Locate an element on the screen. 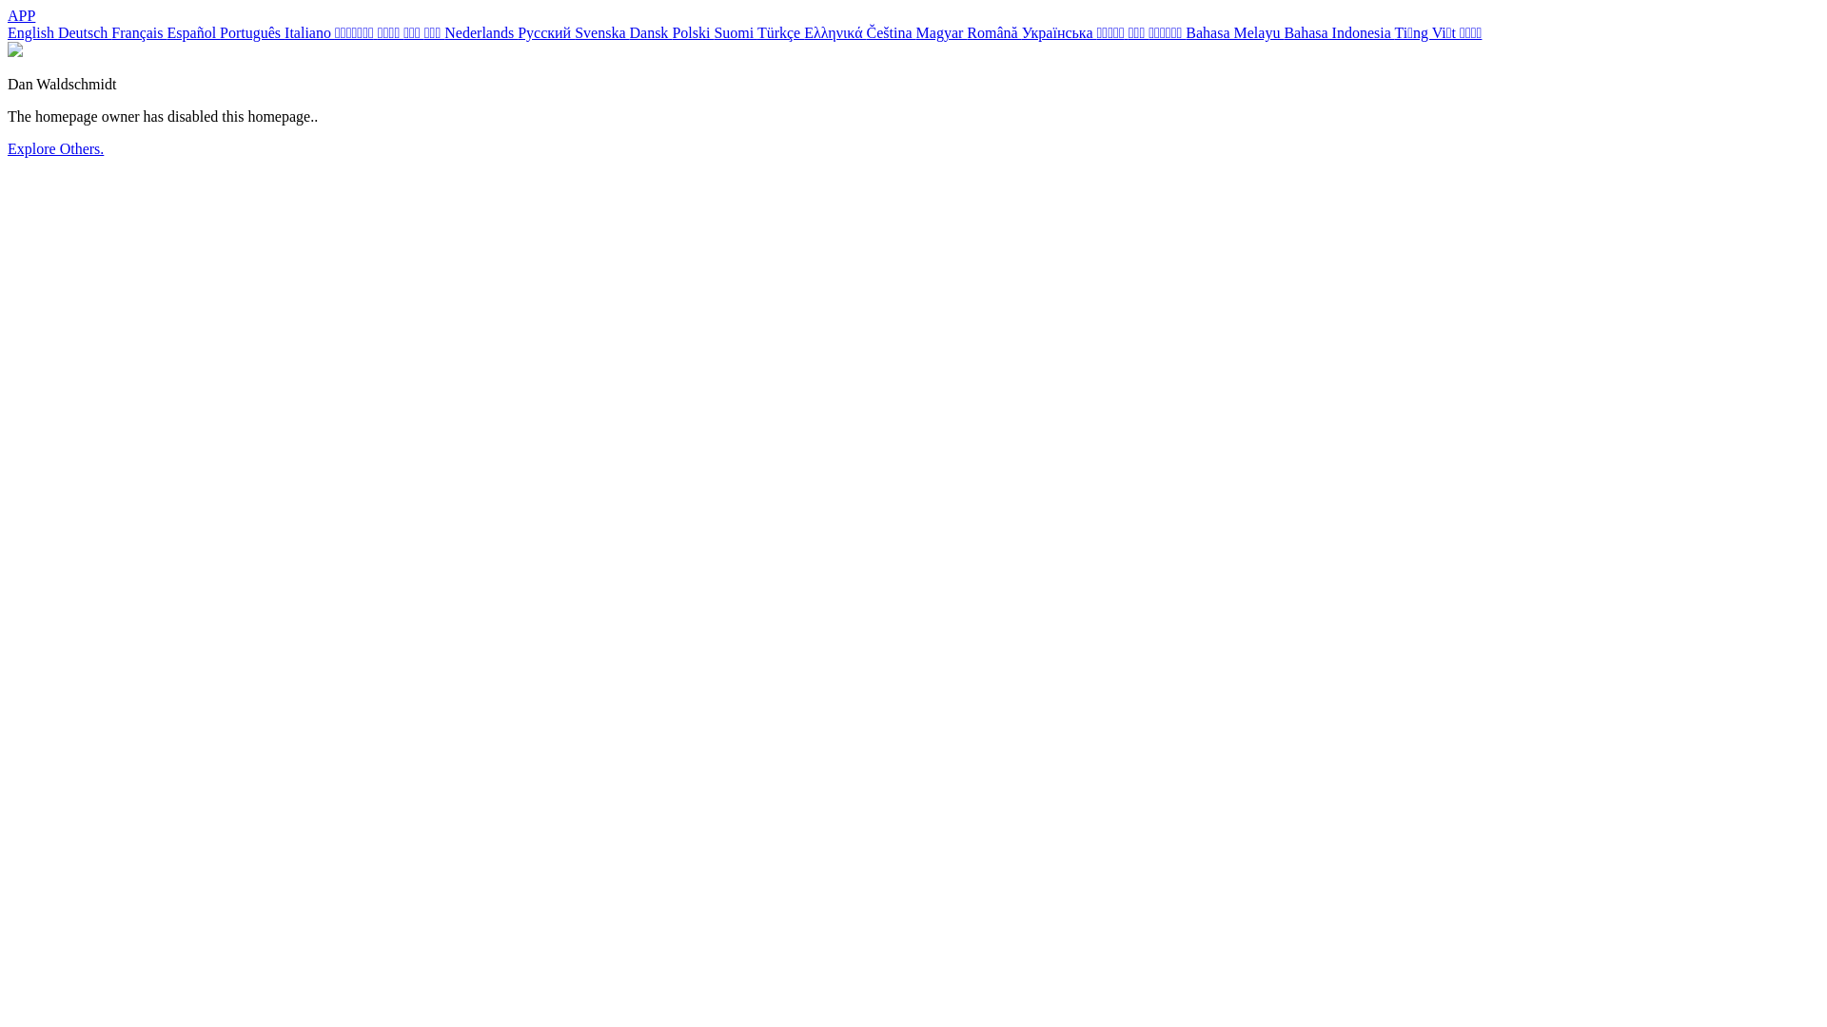 This screenshot has width=1827, height=1027. 'Nederlands' is located at coordinates (481, 32).